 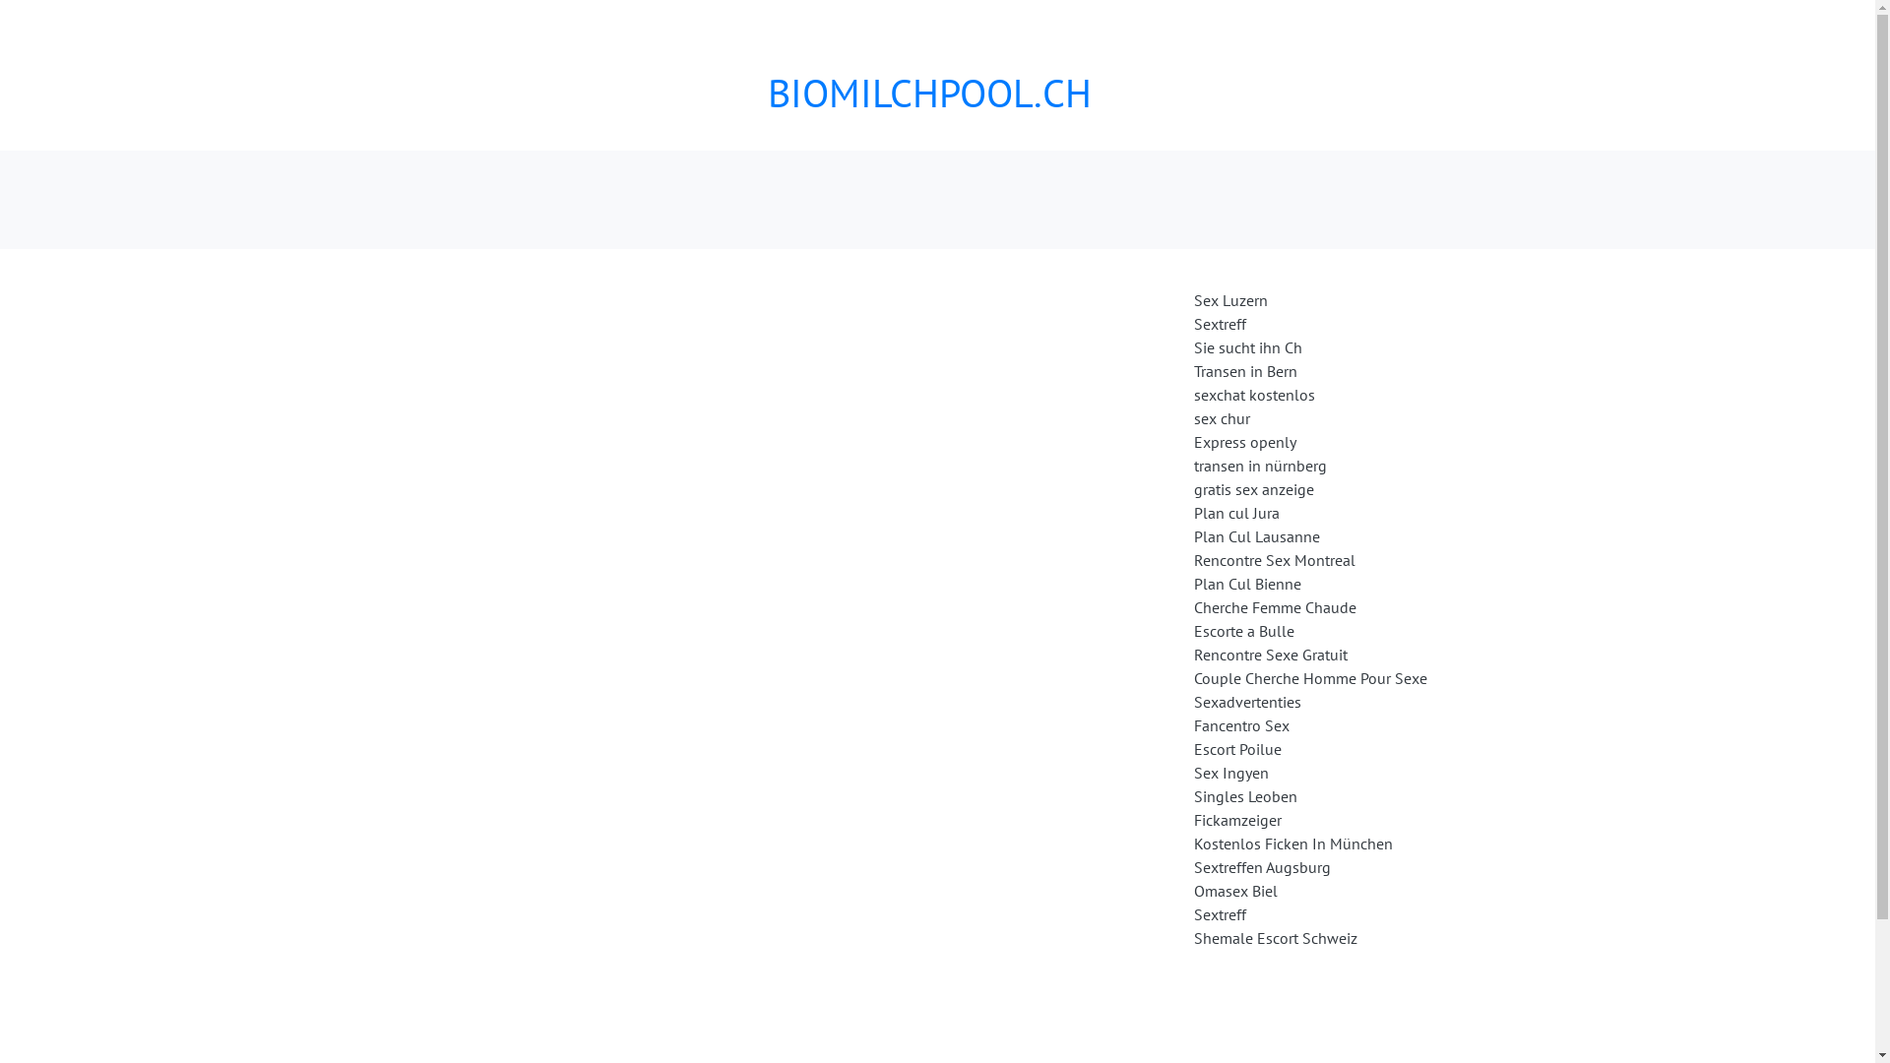 I want to click on 'Sextreffen Augsburg', so click(x=1191, y=865).